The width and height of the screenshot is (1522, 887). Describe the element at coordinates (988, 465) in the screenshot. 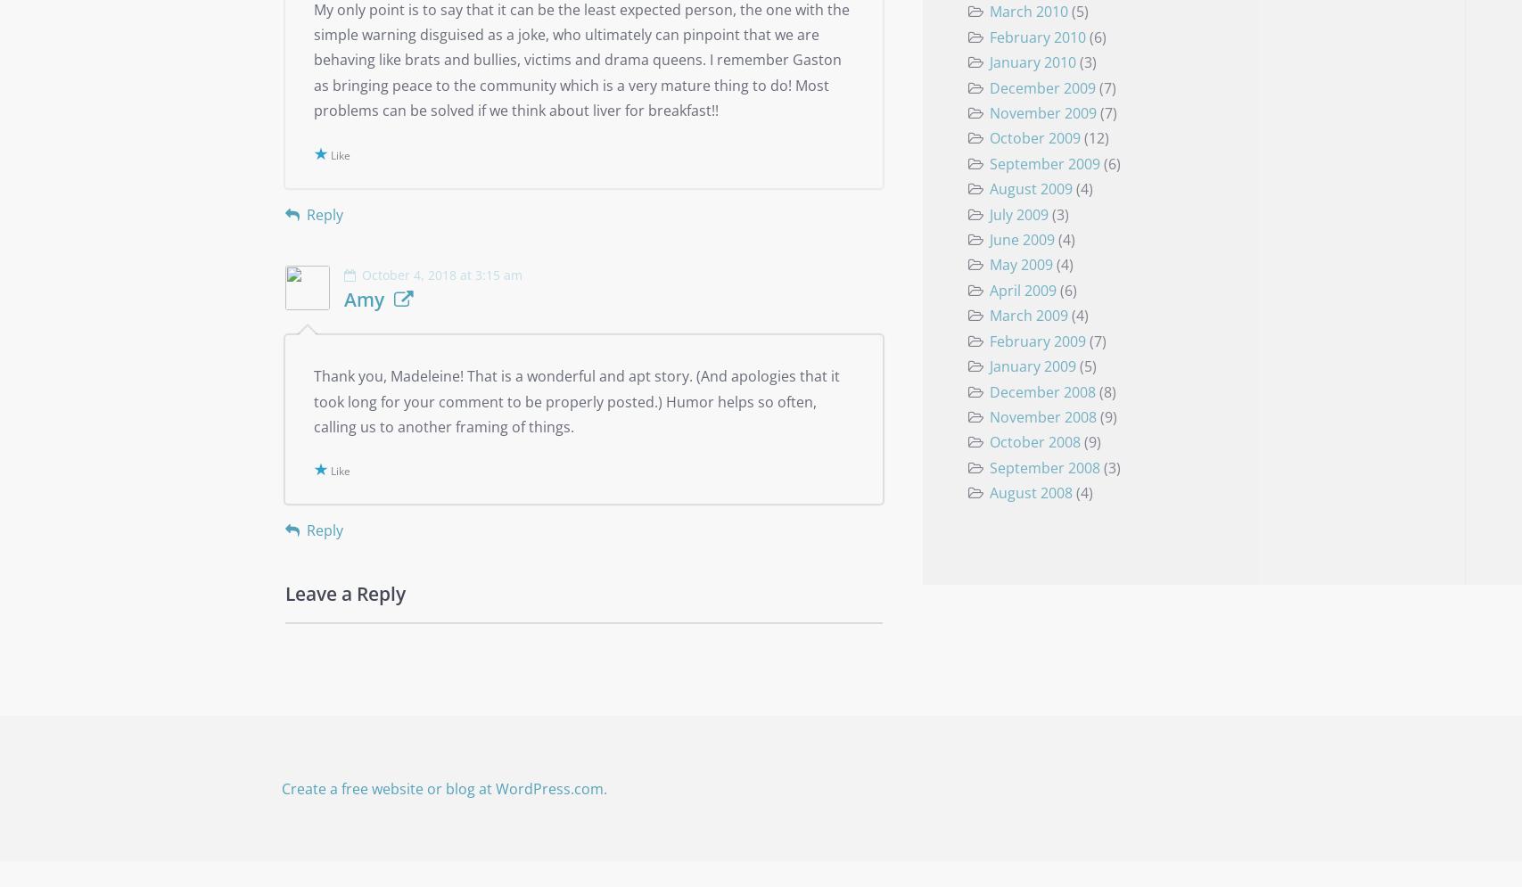

I see `'September 2008'` at that location.